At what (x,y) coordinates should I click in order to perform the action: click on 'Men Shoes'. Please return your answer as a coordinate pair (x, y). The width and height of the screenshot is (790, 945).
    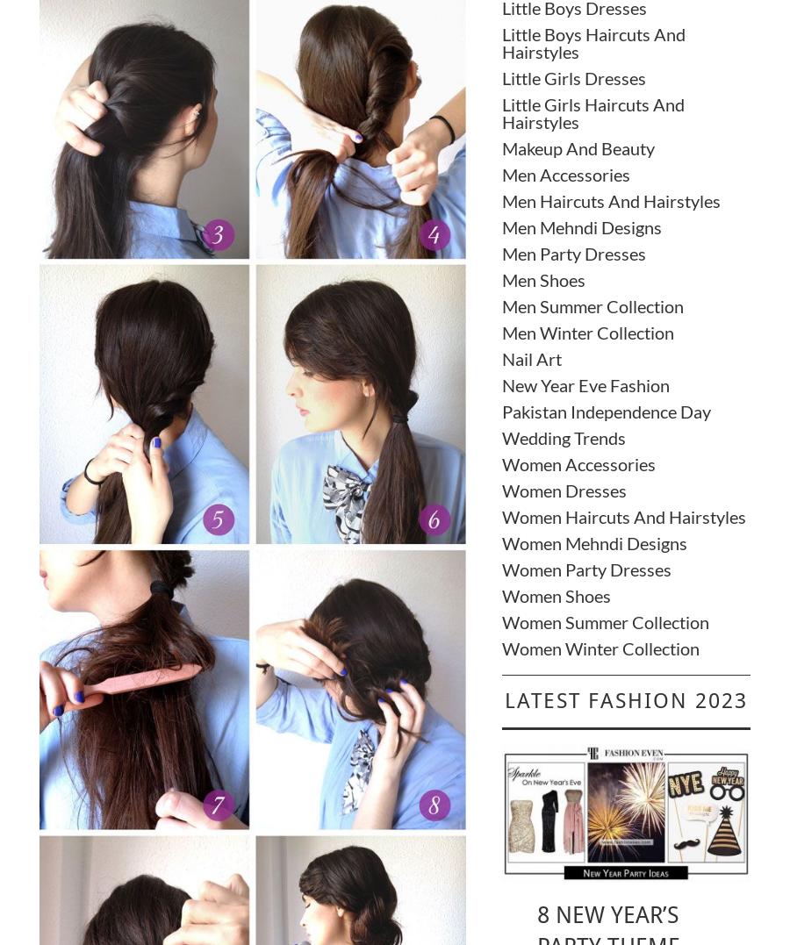
    Looking at the image, I should click on (542, 279).